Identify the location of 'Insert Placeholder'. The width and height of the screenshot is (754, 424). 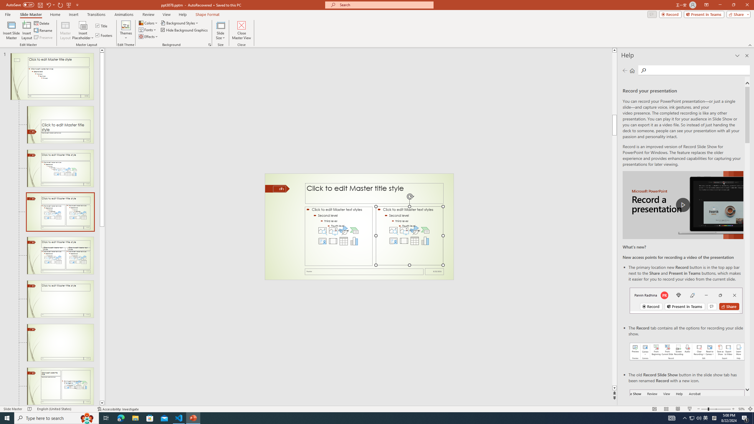
(83, 30).